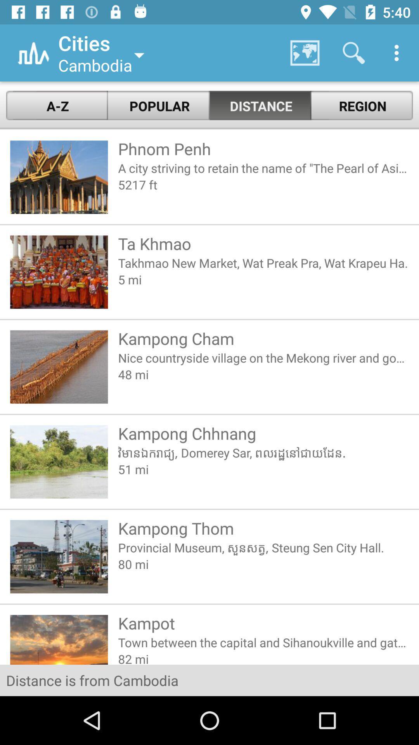 This screenshot has width=419, height=745. What do you see at coordinates (263, 168) in the screenshot?
I see `a city striving item` at bounding box center [263, 168].